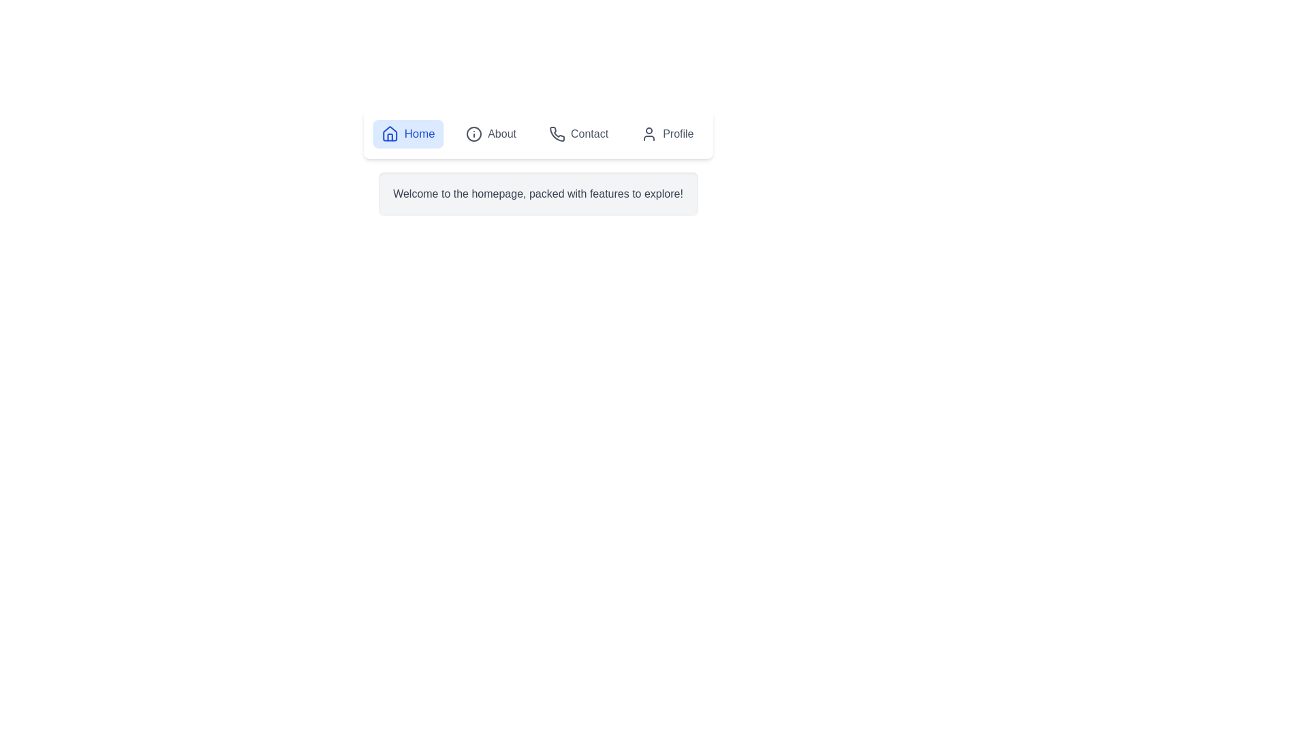  Describe the element at coordinates (388, 134) in the screenshot. I see `the icon of the Home tab` at that location.